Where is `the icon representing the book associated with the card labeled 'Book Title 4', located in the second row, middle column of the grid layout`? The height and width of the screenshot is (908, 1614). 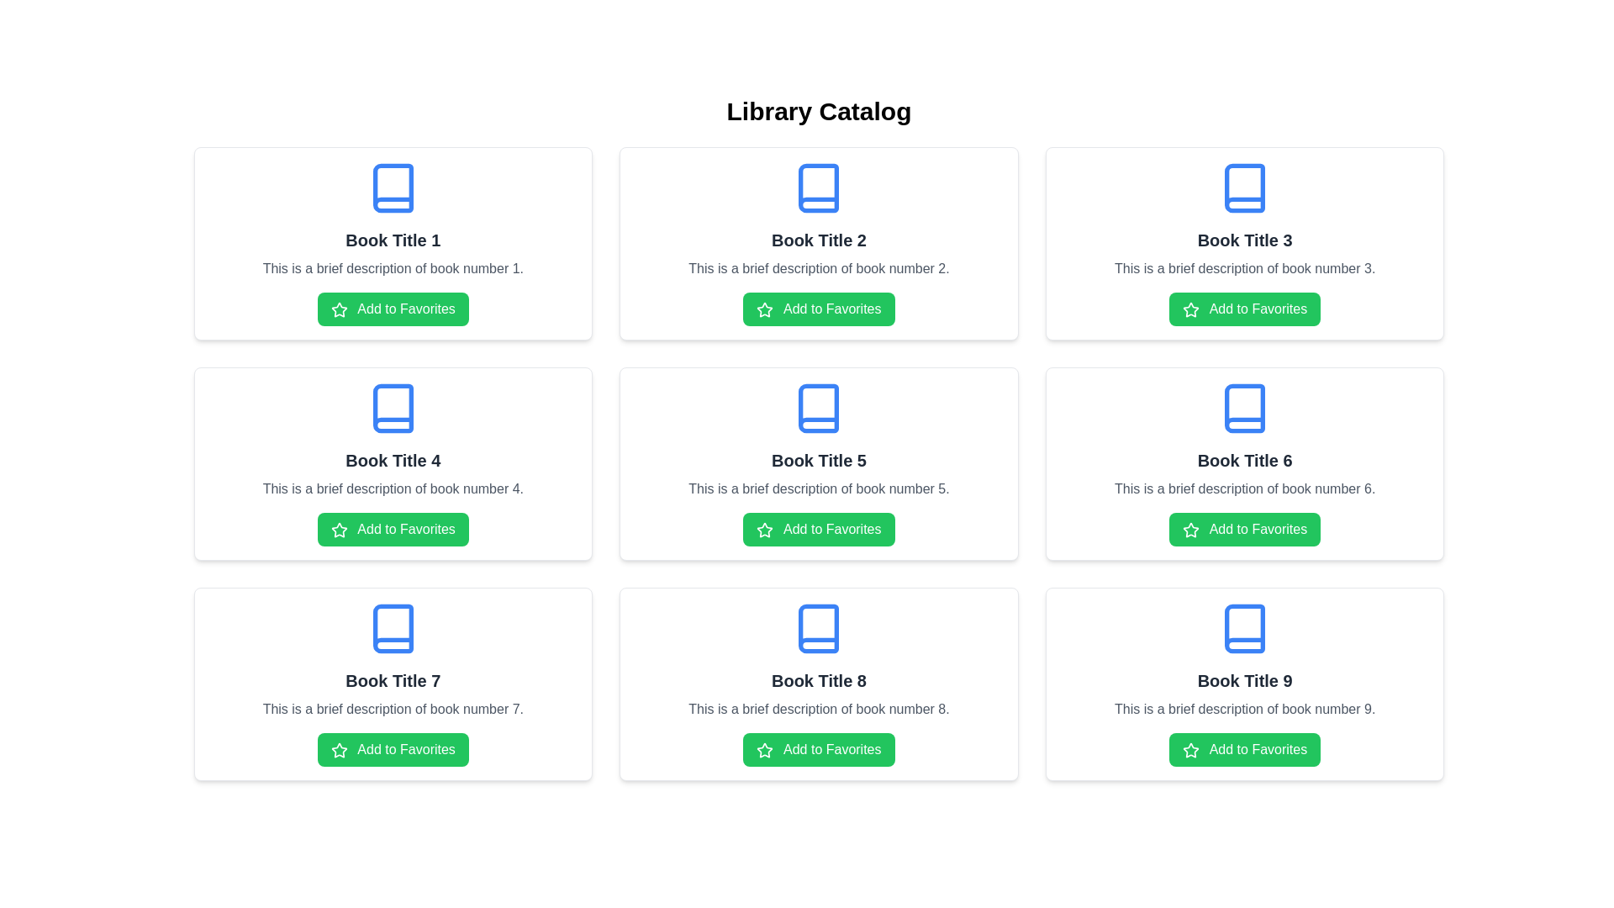
the icon representing the book associated with the card labeled 'Book Title 4', located in the second row, middle column of the grid layout is located at coordinates (392, 409).